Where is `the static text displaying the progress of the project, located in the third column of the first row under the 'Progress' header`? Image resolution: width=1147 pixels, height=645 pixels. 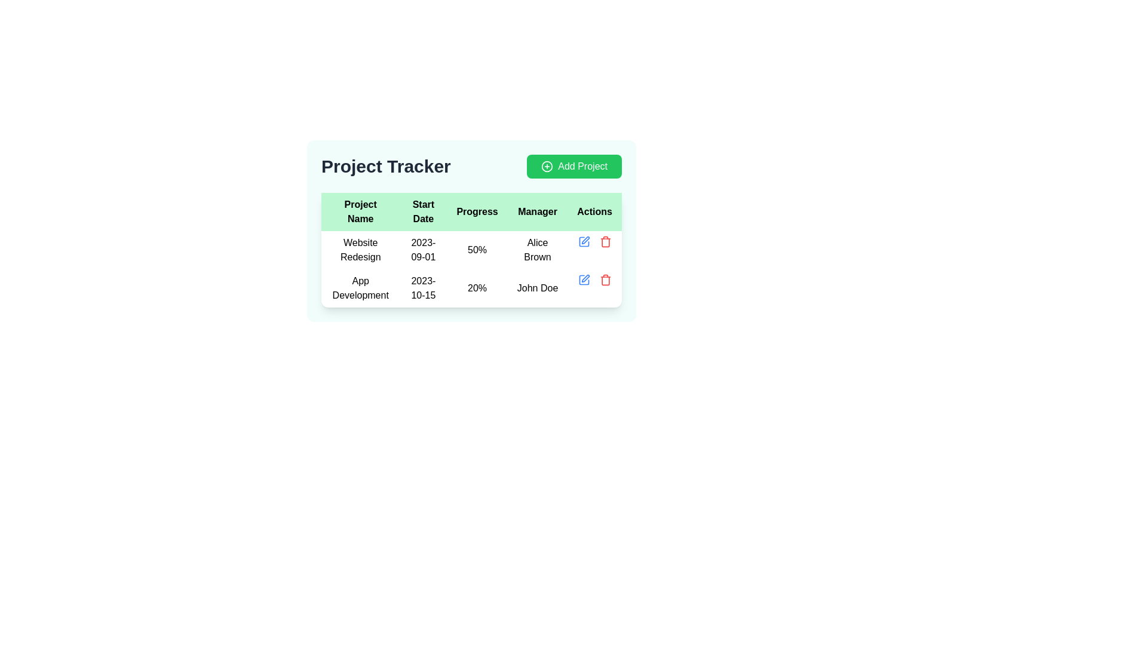 the static text displaying the progress of the project, located in the third column of the first row under the 'Progress' header is located at coordinates (471, 250).